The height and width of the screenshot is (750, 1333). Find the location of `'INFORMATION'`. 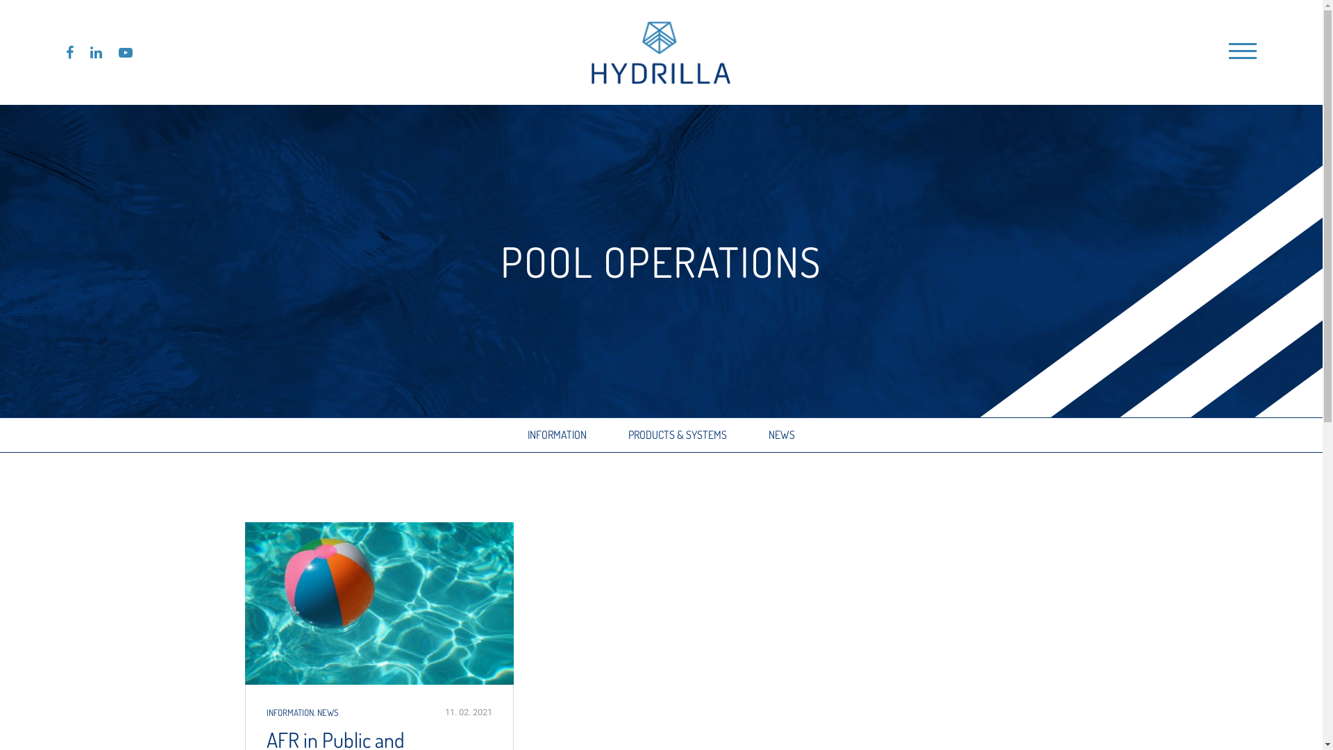

'INFORMATION' is located at coordinates (557, 434).